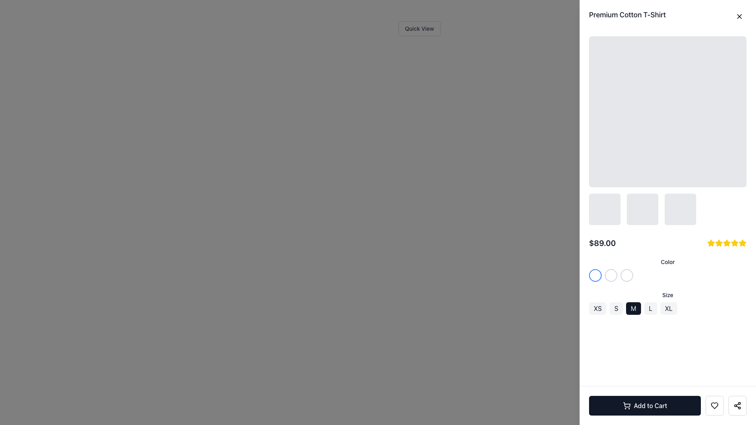 Image resolution: width=756 pixels, height=425 pixels. What do you see at coordinates (598, 308) in the screenshot?
I see `the 'XS' size selection button` at bounding box center [598, 308].